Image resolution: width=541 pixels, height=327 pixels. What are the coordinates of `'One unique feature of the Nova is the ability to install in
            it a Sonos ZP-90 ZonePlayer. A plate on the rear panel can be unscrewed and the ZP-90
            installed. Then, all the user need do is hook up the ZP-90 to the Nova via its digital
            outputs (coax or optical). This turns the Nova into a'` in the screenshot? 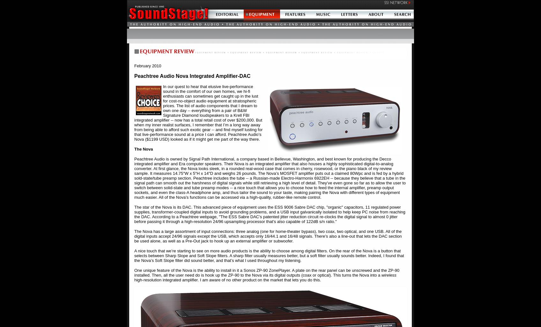 It's located at (266, 272).